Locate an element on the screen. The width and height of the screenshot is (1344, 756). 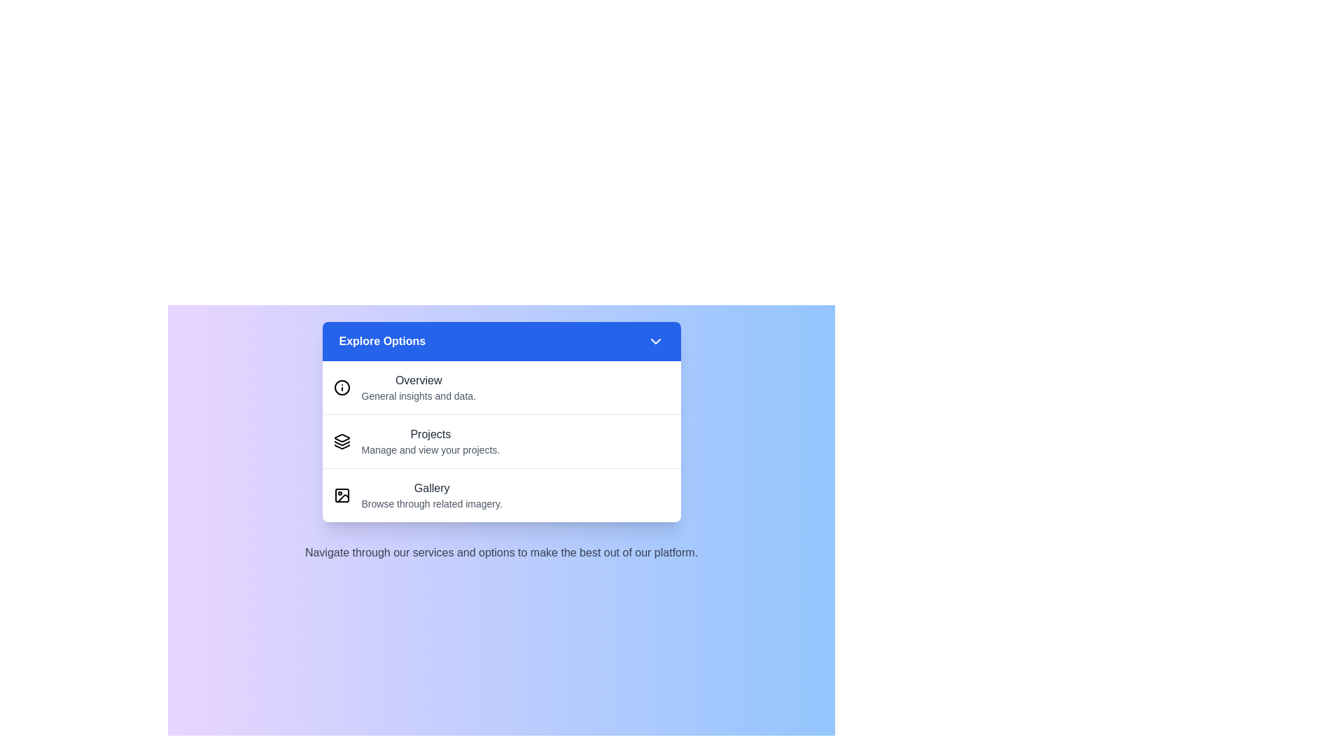
the menu item labeled Projects to highlight it is located at coordinates (501, 441).